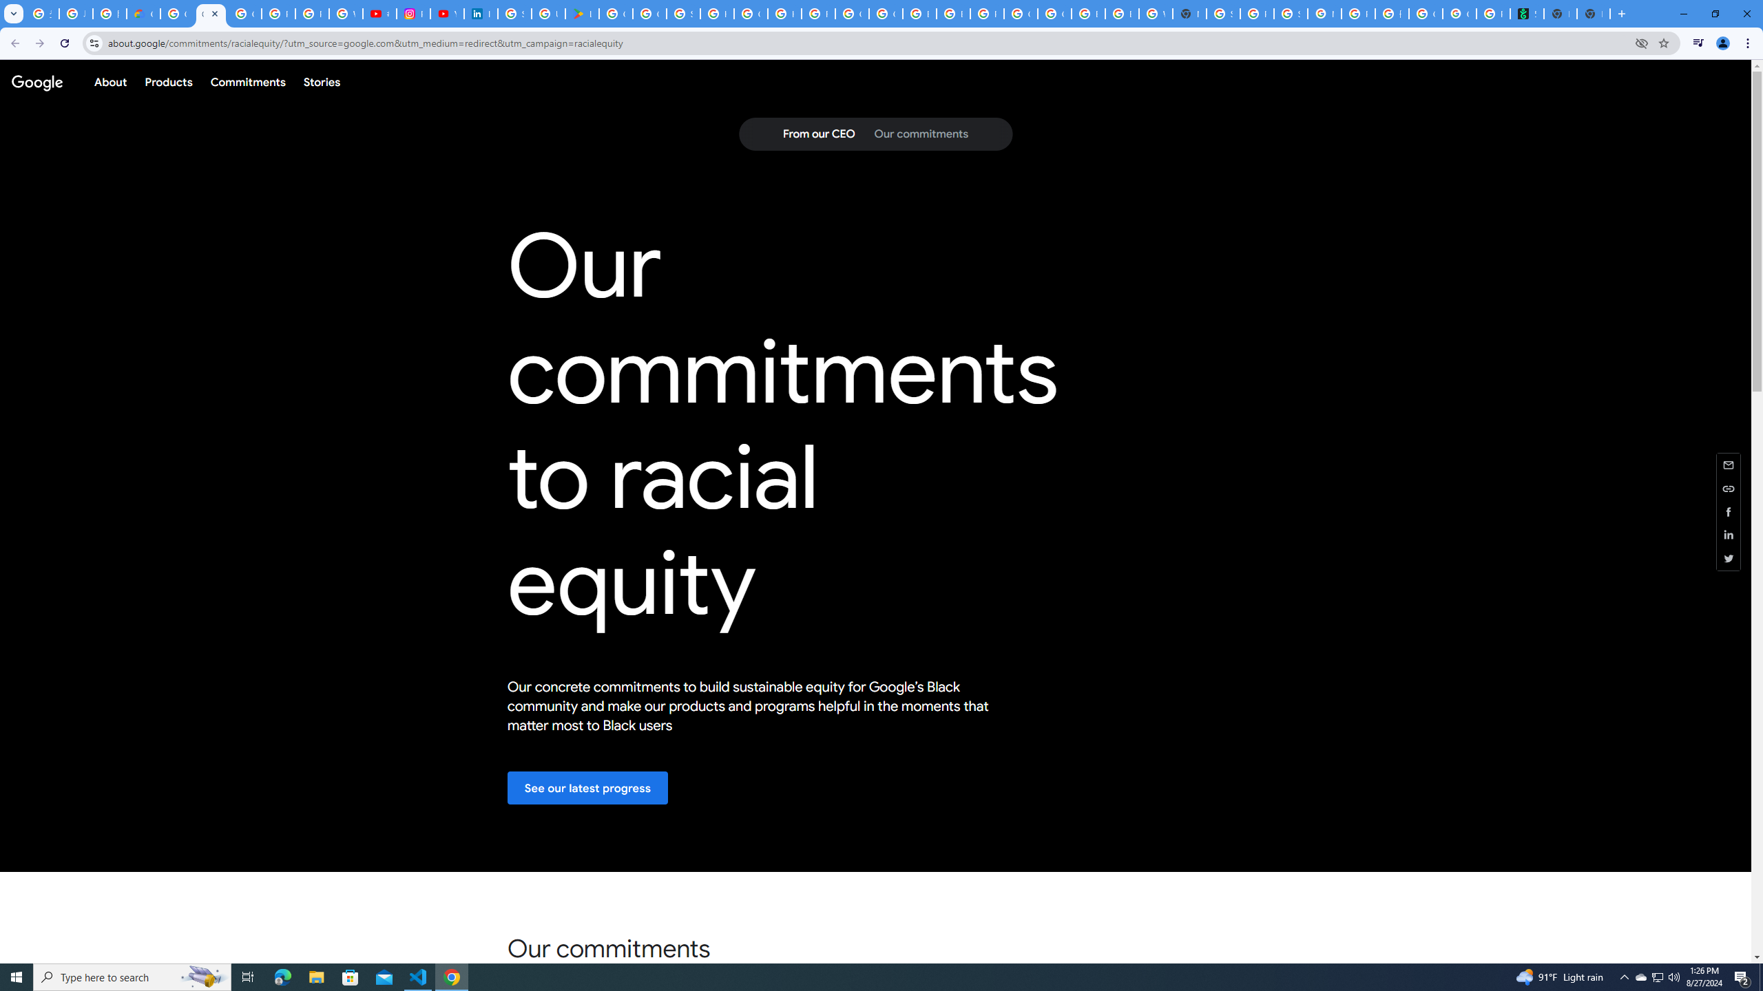 This screenshot has width=1763, height=991. Describe the element at coordinates (581, 13) in the screenshot. I see `'Last Shelter: Survival - Apps on Google Play'` at that location.